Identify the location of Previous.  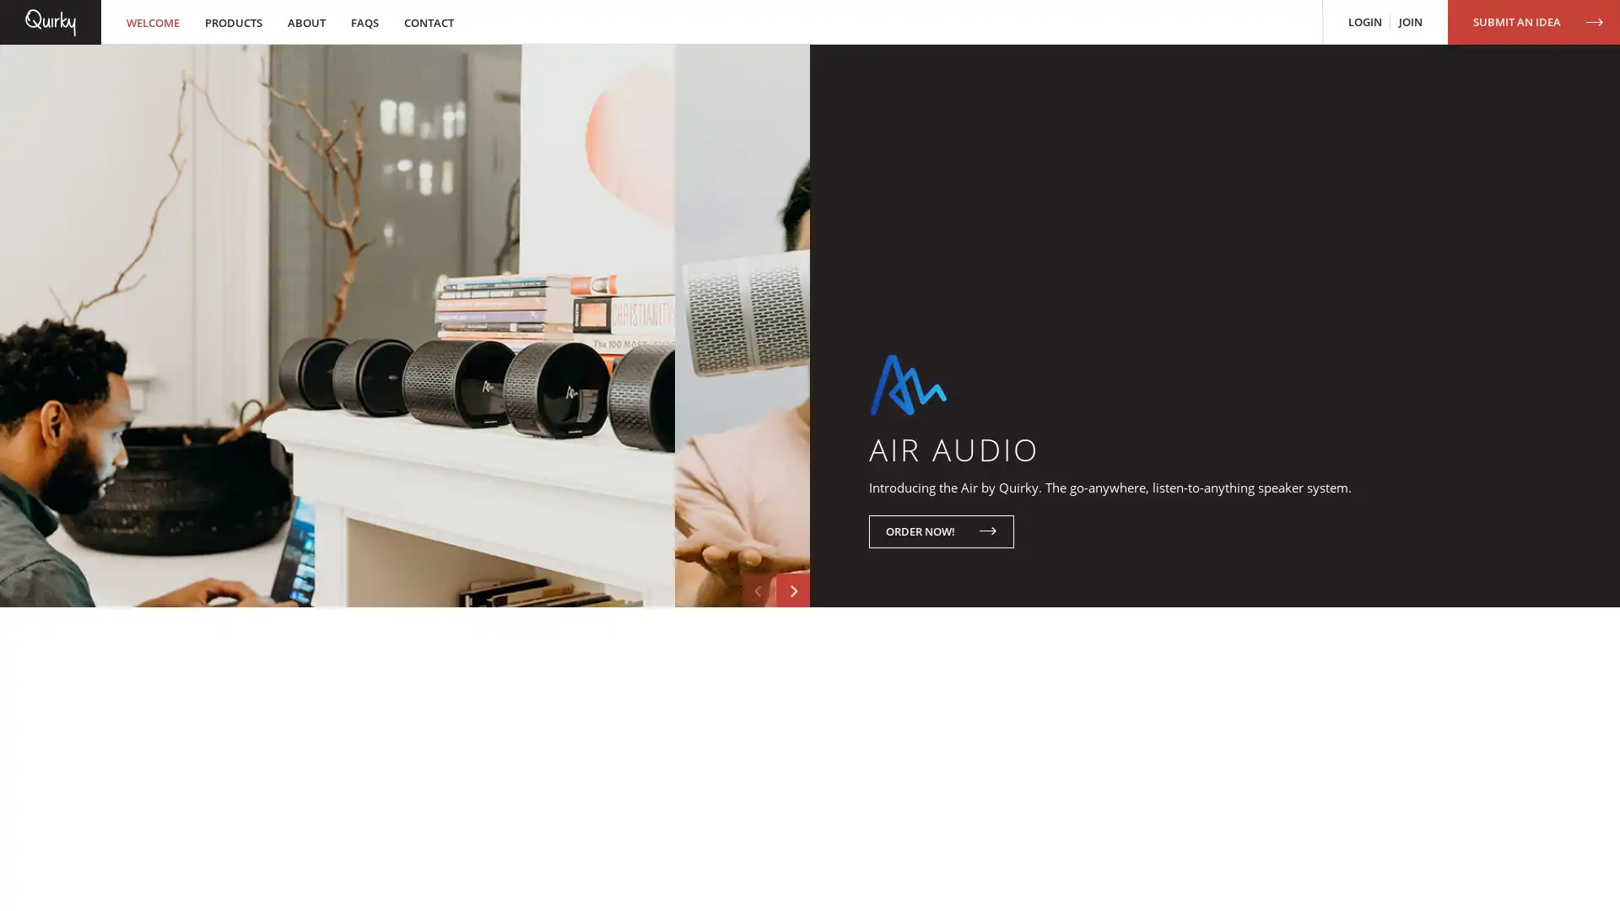
(757, 703).